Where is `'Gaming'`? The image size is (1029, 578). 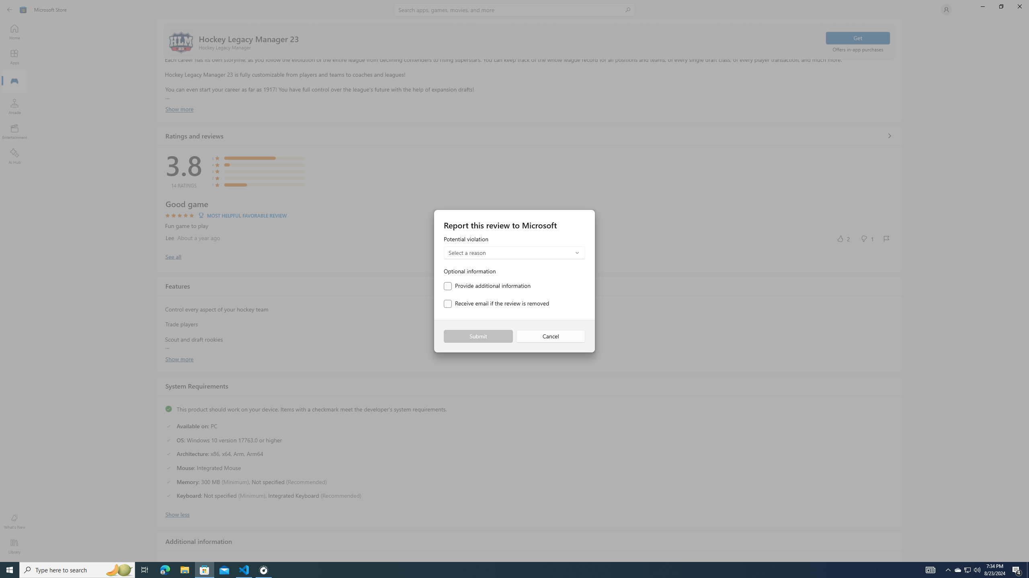
'Gaming' is located at coordinates (14, 81).